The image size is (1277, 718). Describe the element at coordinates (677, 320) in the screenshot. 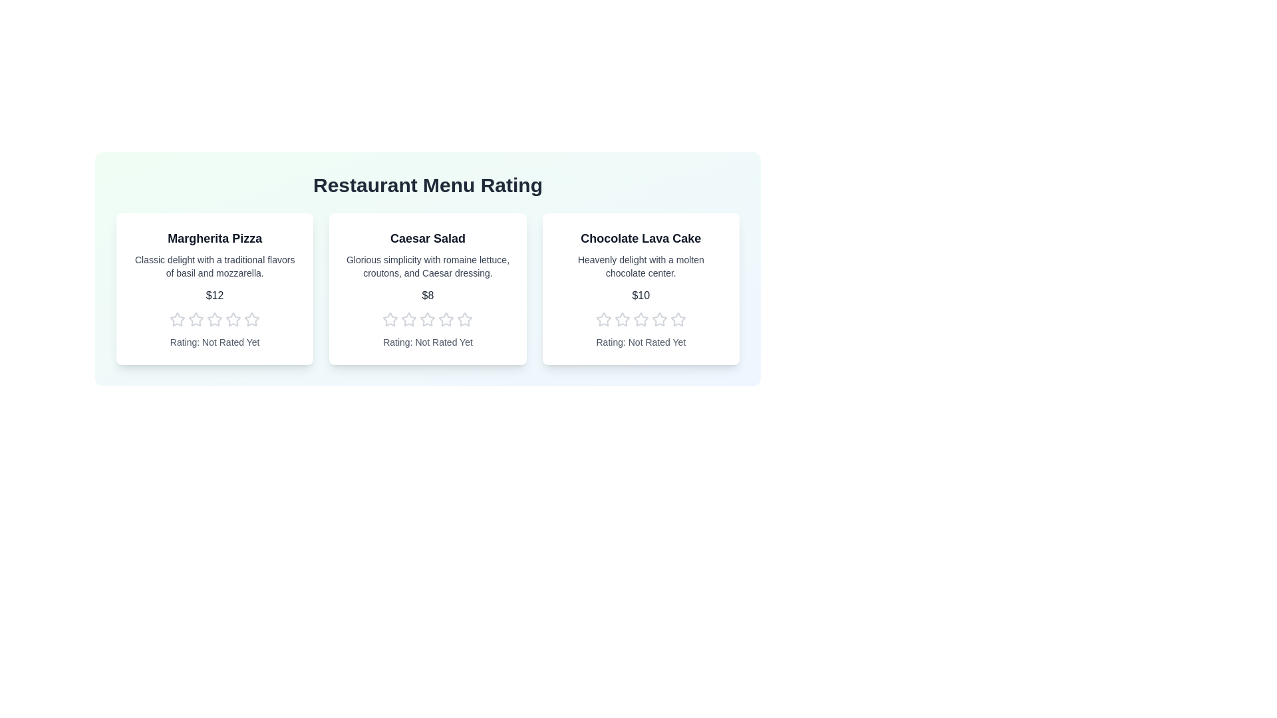

I see `the star corresponding to the desired rating 5 for the menu item Chocolate Lava Cake` at that location.